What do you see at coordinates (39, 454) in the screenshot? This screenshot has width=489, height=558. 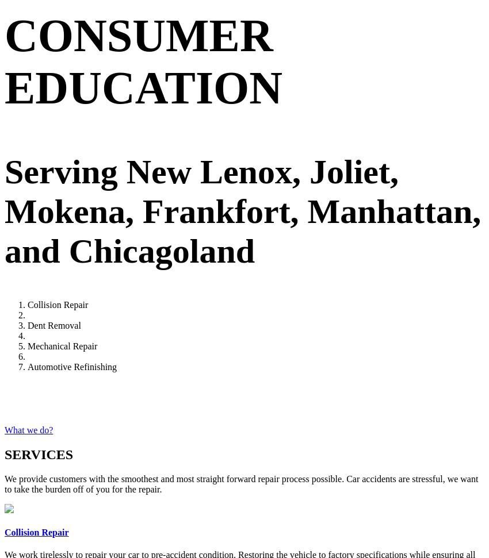 I see `'SERVICES'` at bounding box center [39, 454].